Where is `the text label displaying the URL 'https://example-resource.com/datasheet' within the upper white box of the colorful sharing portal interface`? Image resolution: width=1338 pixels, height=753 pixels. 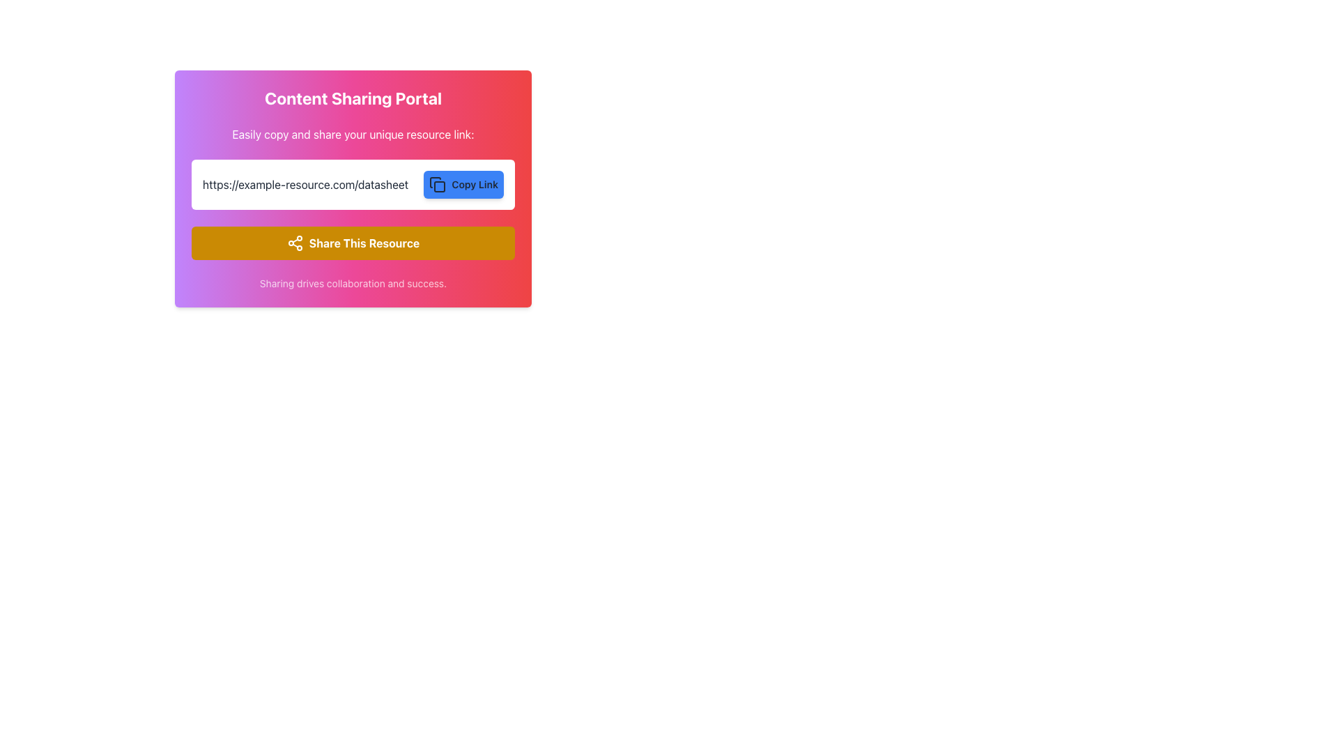
the text label displaying the URL 'https://example-resource.com/datasheet' within the upper white box of the colorful sharing portal interface is located at coordinates (305, 184).